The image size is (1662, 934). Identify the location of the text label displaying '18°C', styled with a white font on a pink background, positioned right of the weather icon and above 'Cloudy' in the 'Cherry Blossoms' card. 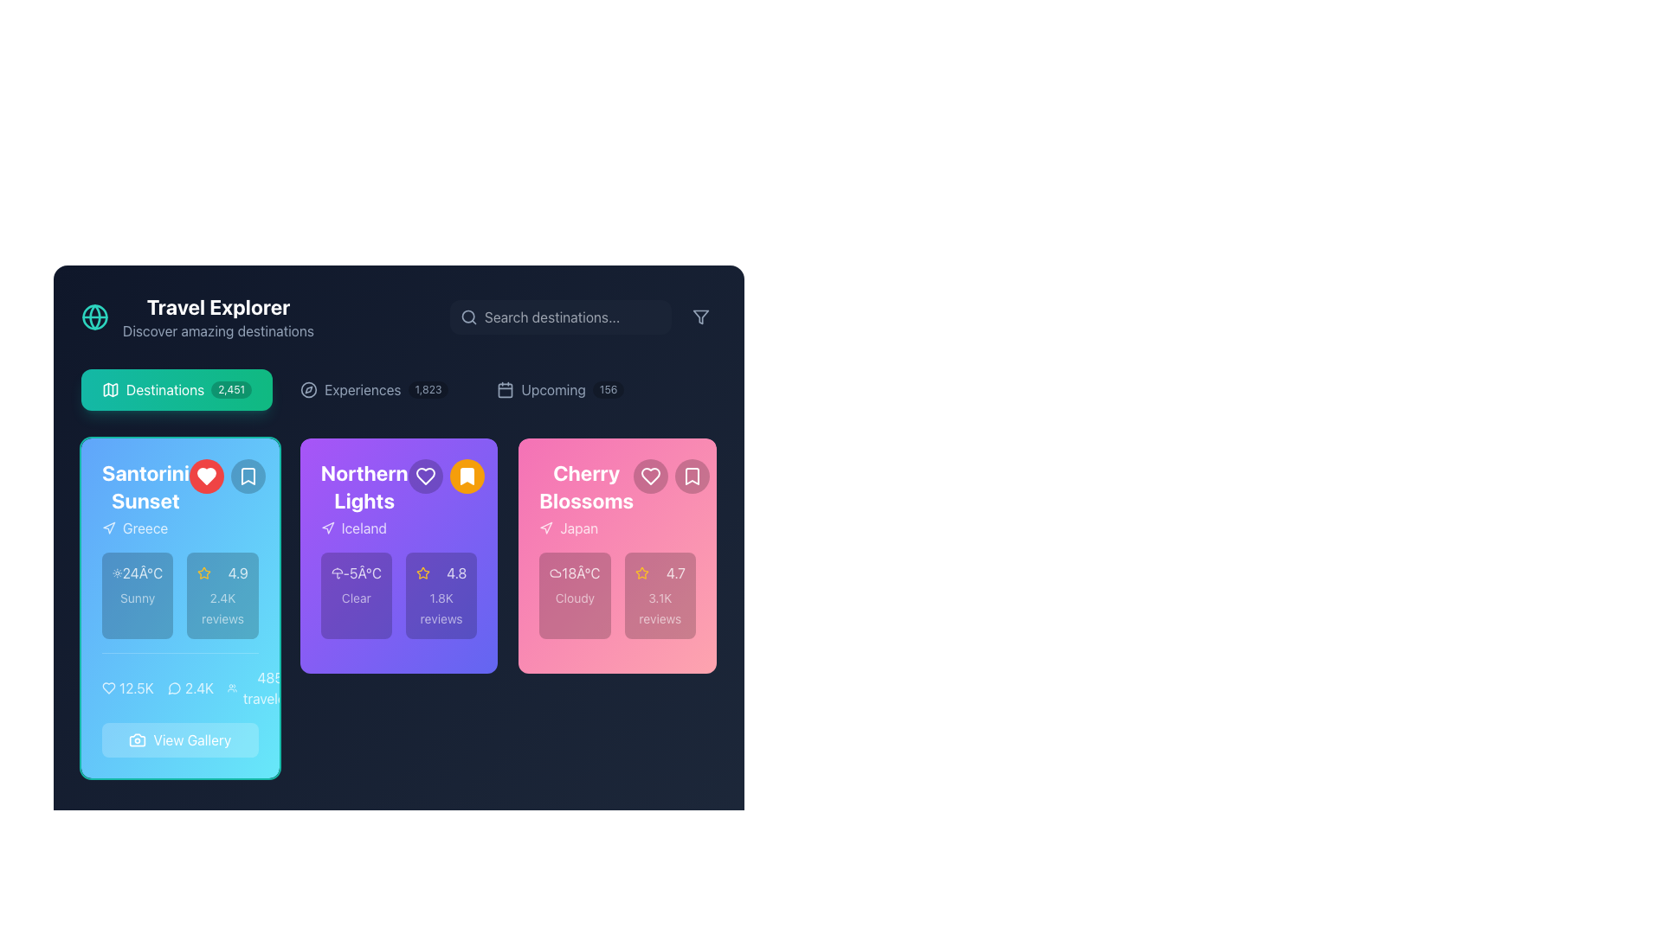
(581, 573).